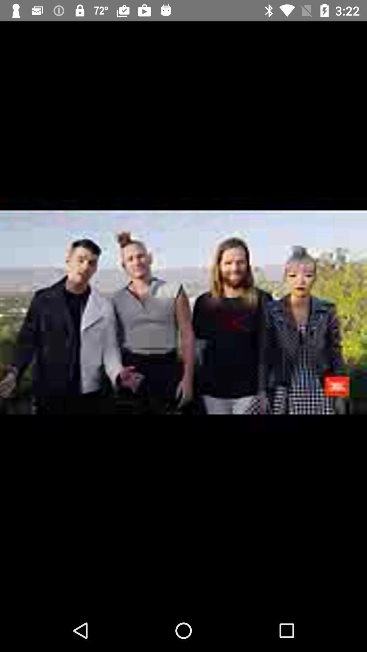  What do you see at coordinates (183, 315) in the screenshot?
I see `the item at the center` at bounding box center [183, 315].